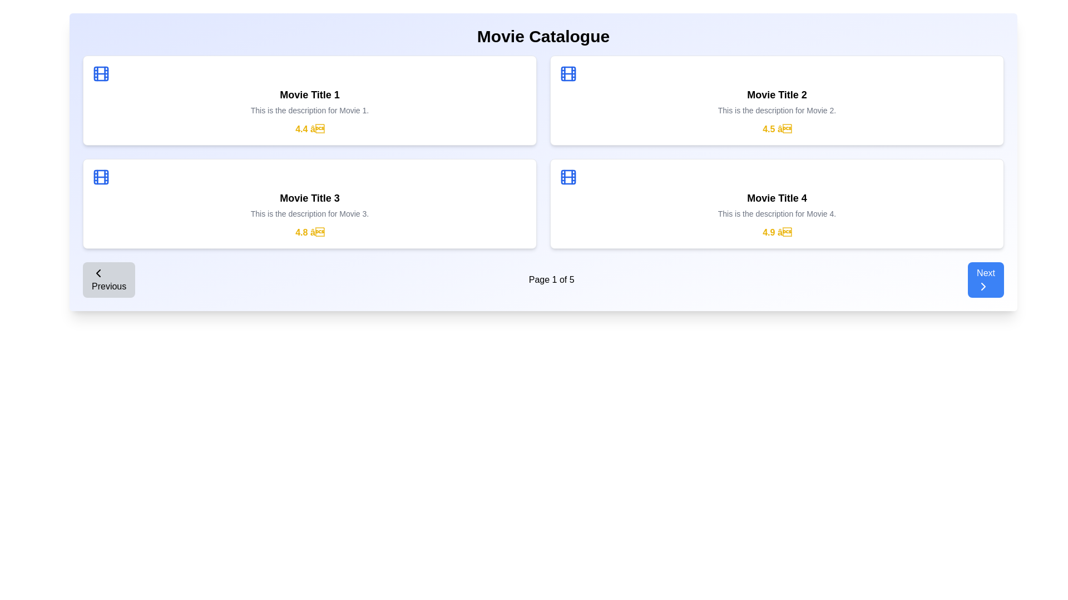 The height and width of the screenshot is (600, 1068). I want to click on the small decorative SVG rectangle element that is part of the vertical filmstrip icon next to 'Movie Title 3', so click(101, 177).